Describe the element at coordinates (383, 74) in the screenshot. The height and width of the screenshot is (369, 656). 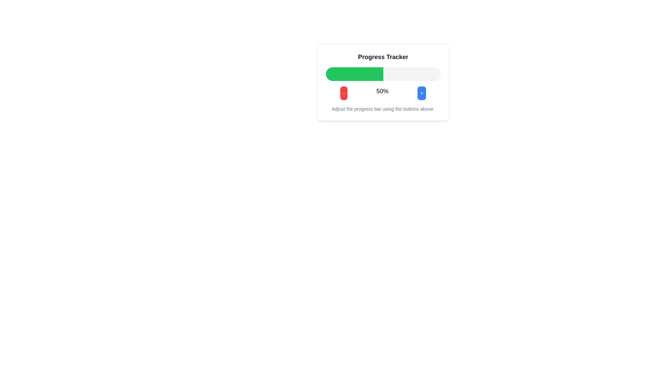
I see `the progress bar located in the 'Progress Tracker' card, which is a horizontal bar with a green left section representing 50% progress and a gray right section indicating incomplete progress` at that location.